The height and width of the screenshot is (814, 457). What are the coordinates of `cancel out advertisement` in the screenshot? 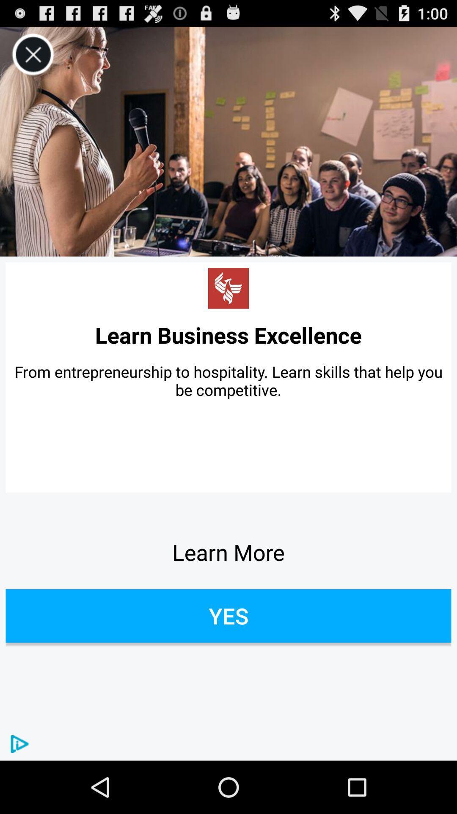 It's located at (33, 54).